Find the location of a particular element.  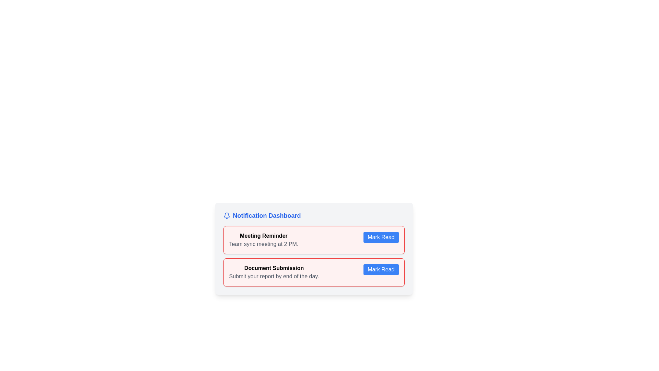

the text label providing details about the scheduled 'Team sync meeting at 2 PM.' located below 'Meeting Reminder' in the first notification box of the dashboard interface is located at coordinates (263, 244).